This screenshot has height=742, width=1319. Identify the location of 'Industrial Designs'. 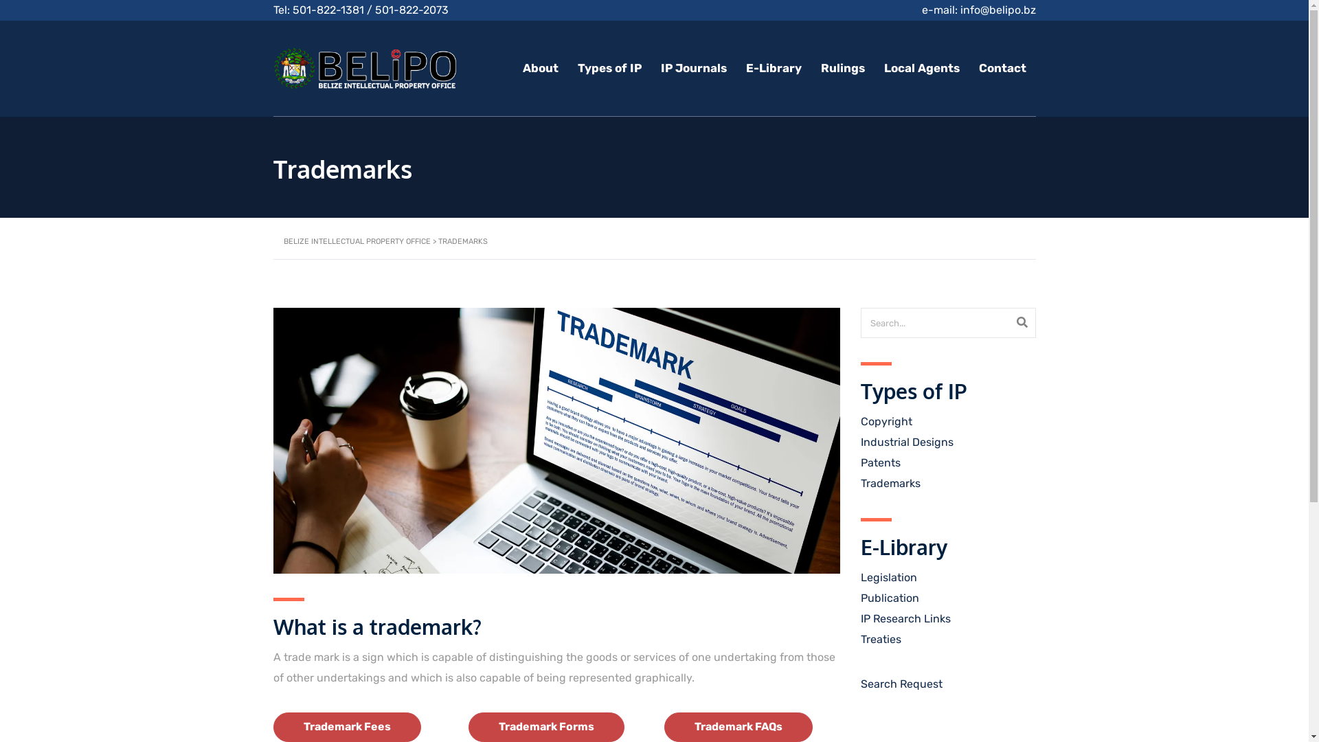
(906, 442).